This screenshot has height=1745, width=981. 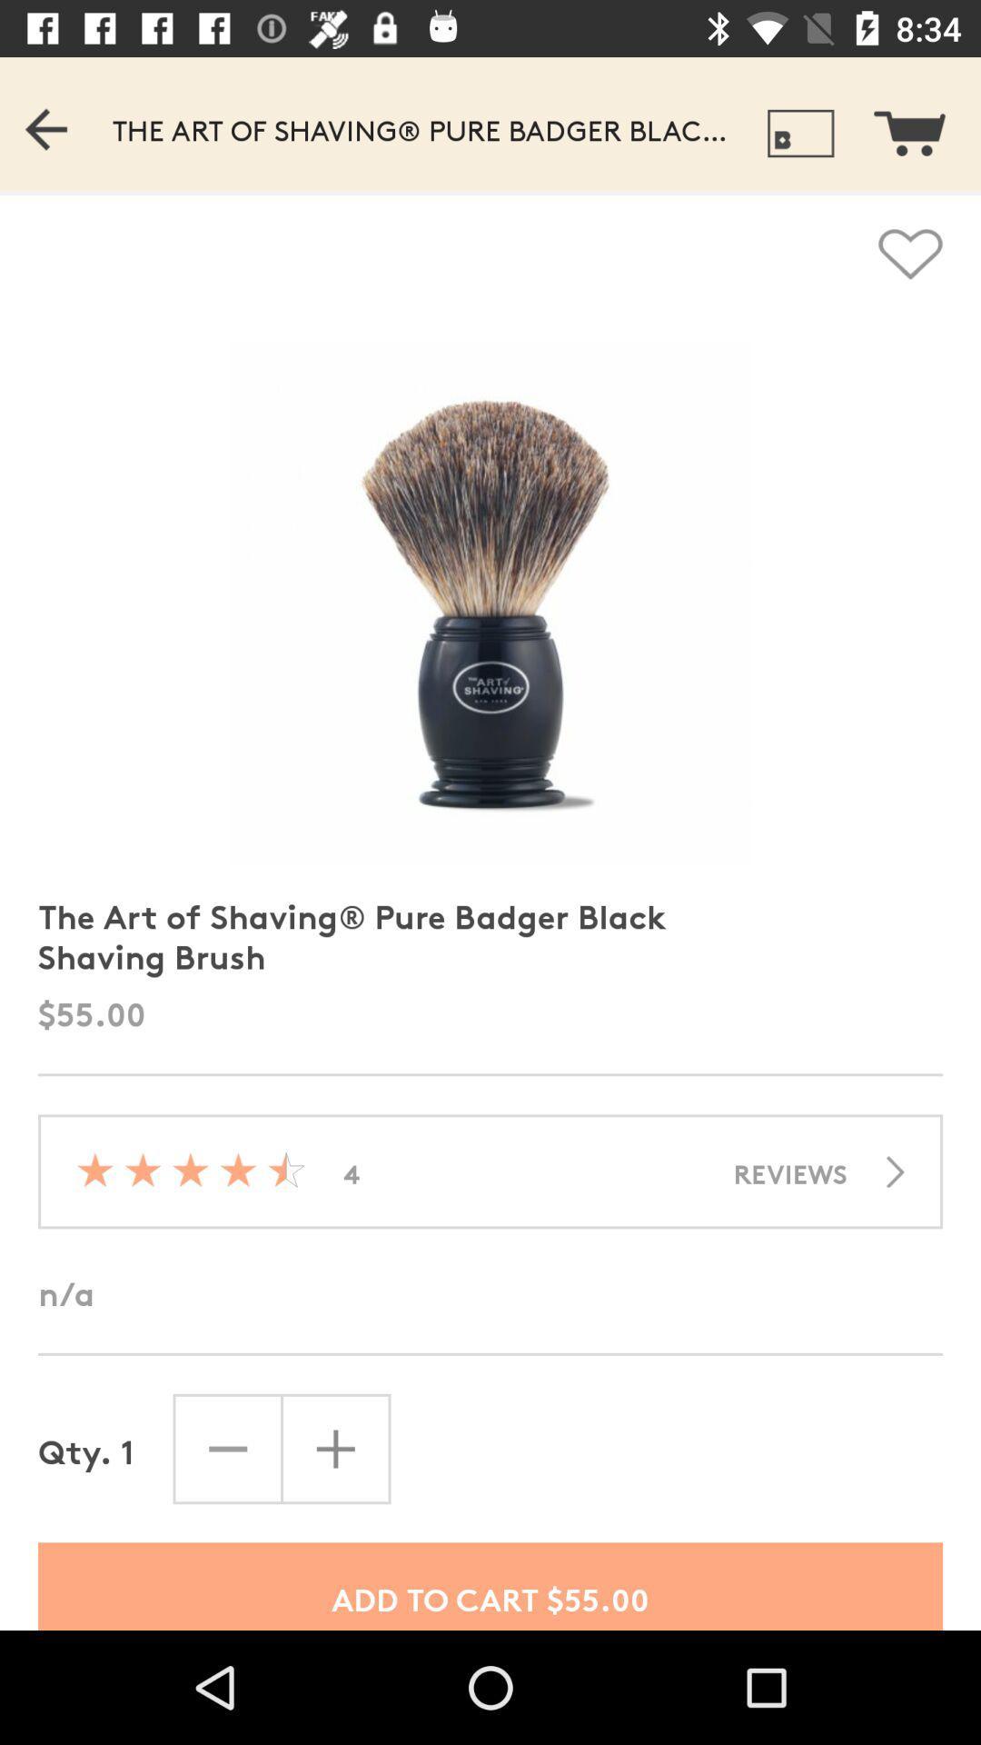 What do you see at coordinates (921, 123) in the screenshot?
I see `to cart` at bounding box center [921, 123].